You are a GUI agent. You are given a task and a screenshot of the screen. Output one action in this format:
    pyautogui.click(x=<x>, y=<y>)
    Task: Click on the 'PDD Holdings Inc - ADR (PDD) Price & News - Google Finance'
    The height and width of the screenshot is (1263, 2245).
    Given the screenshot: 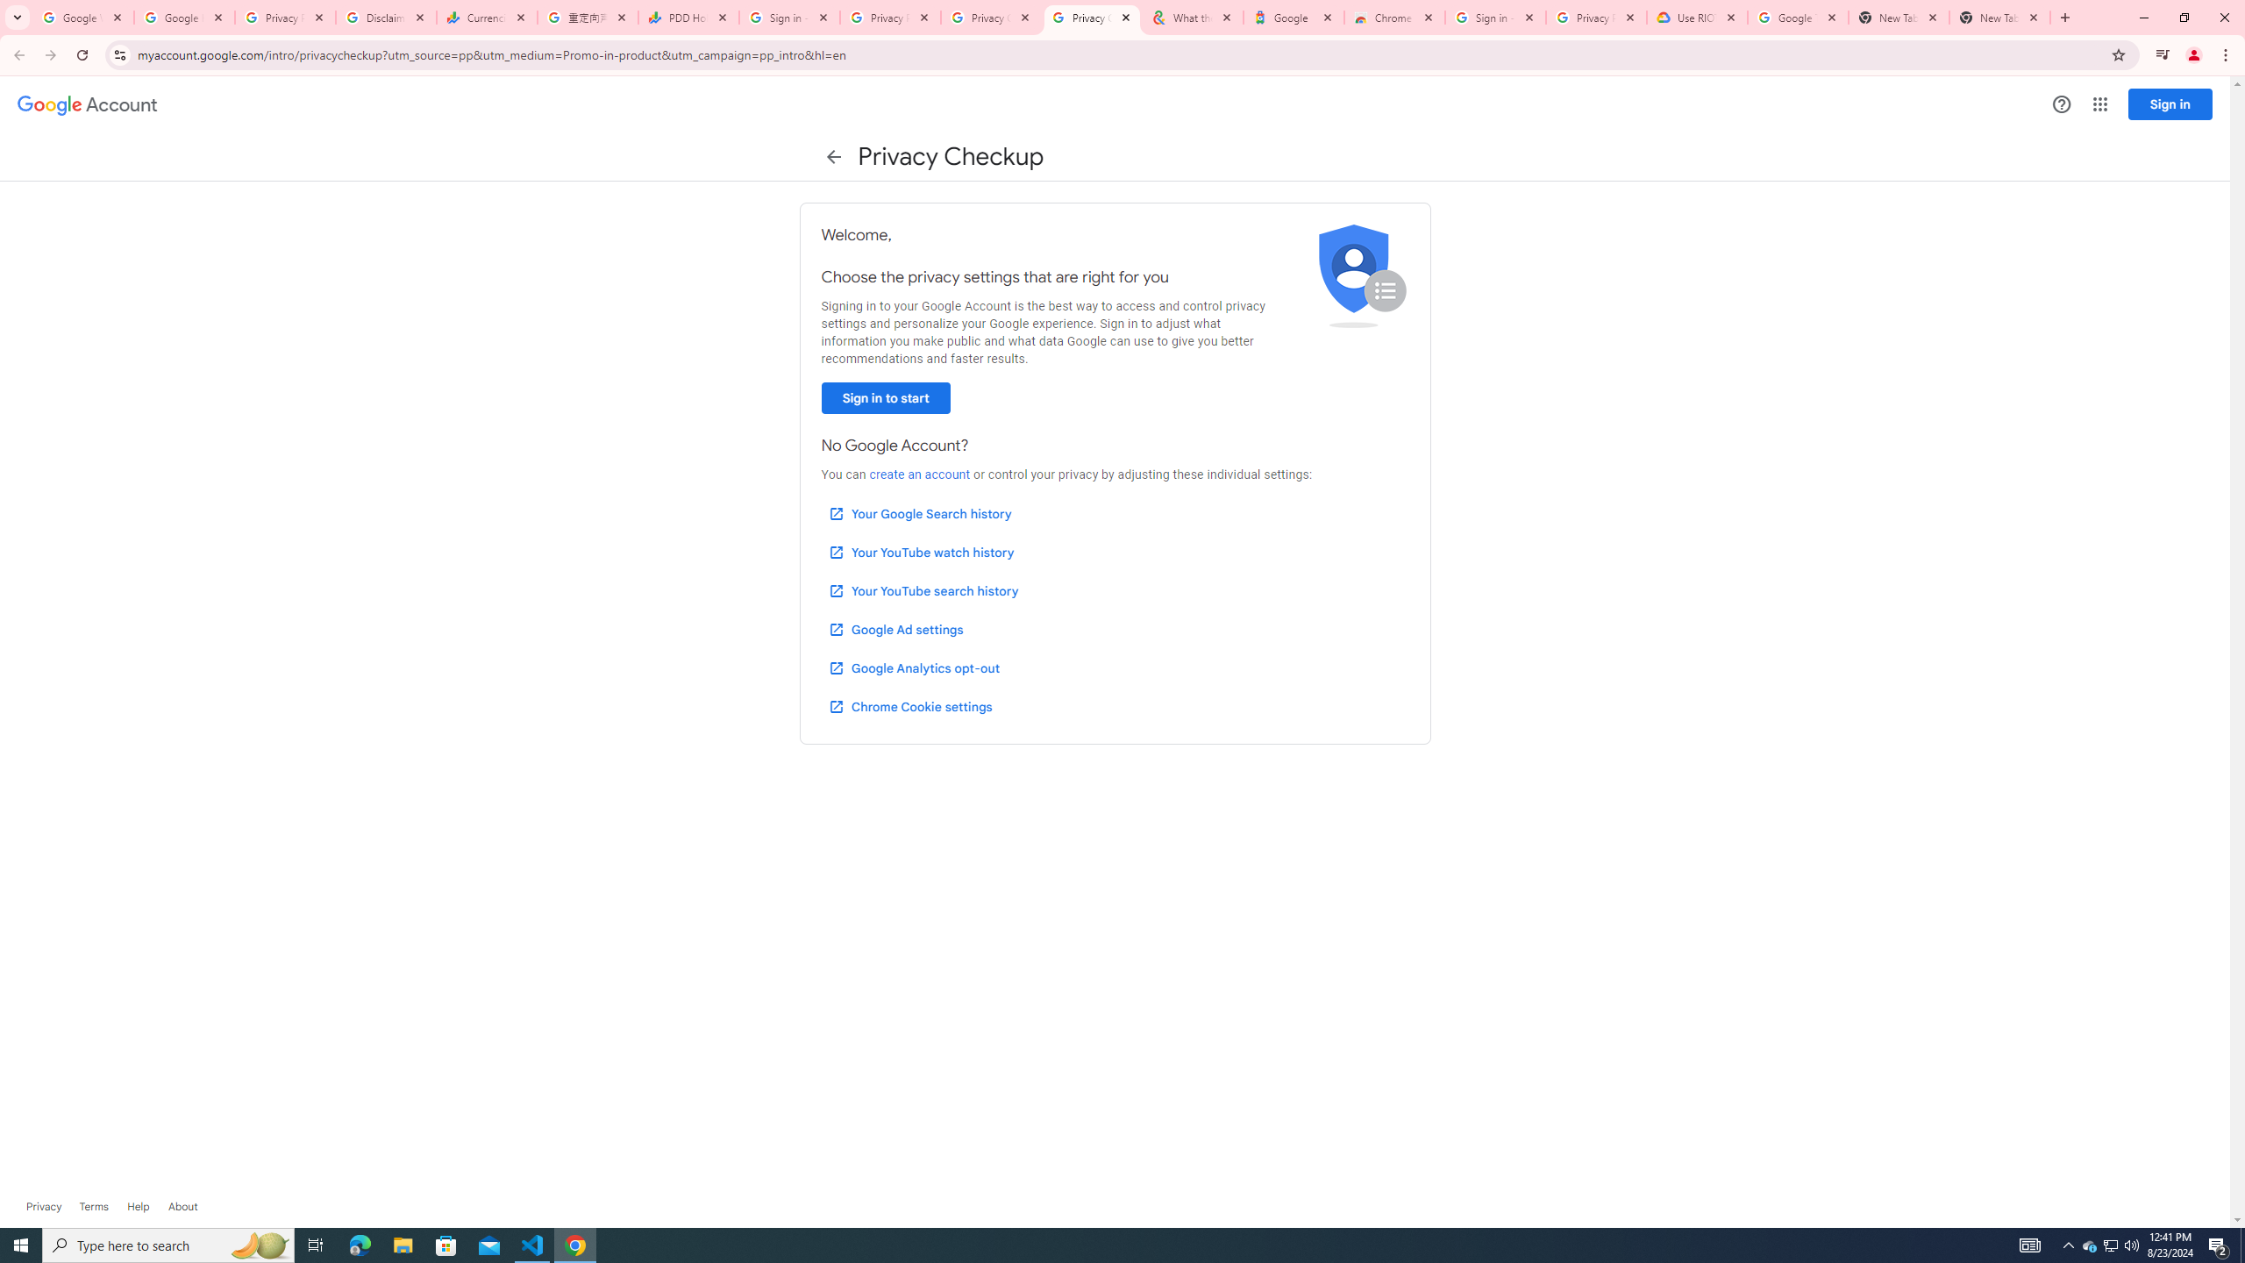 What is the action you would take?
    pyautogui.click(x=688, y=17)
    